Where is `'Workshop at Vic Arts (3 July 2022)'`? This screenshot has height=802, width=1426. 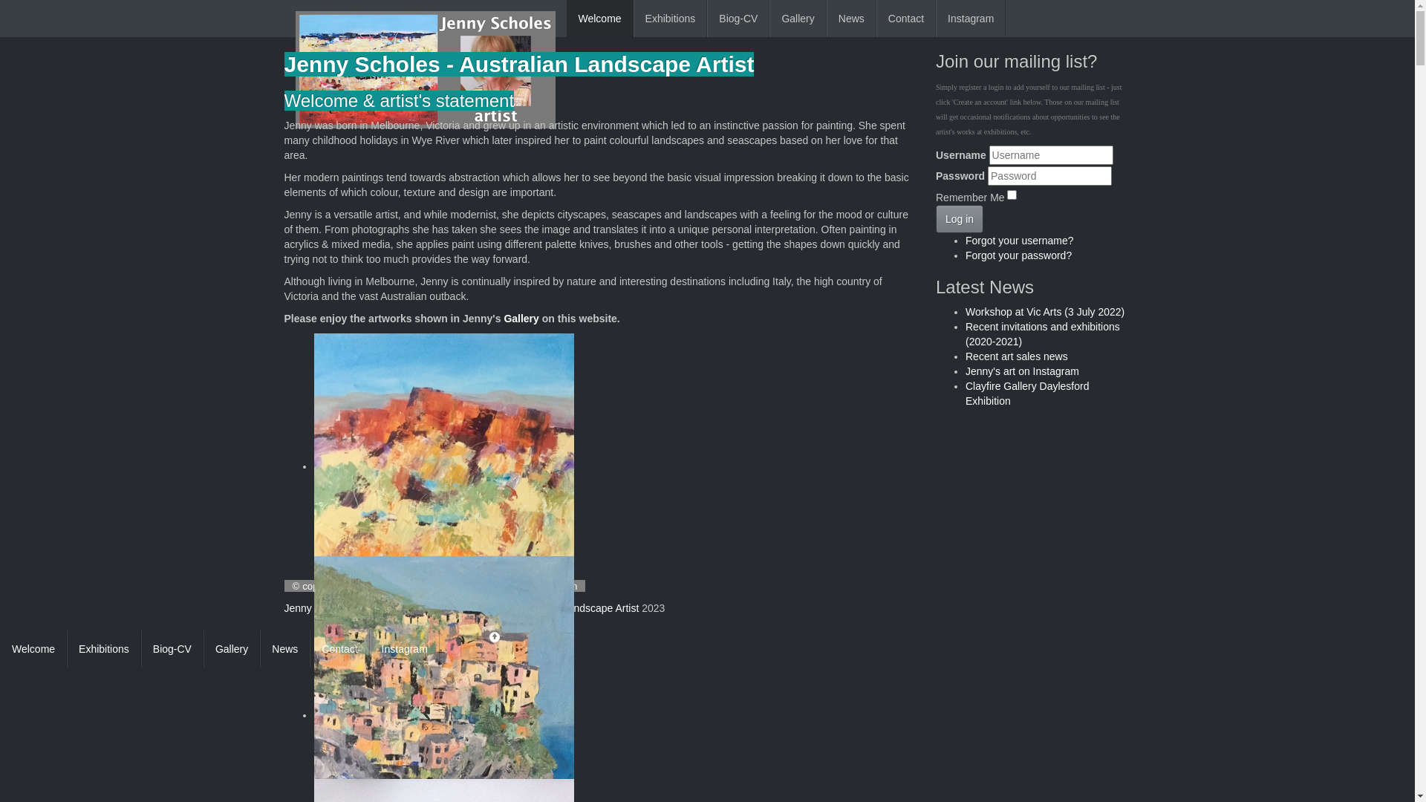
'Workshop at Vic Arts (3 July 2022)' is located at coordinates (966, 311).